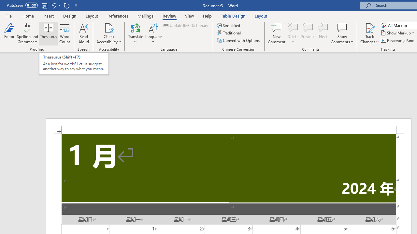 The image size is (417, 234). What do you see at coordinates (238, 40) in the screenshot?
I see `'Convert with Options...'` at bounding box center [238, 40].